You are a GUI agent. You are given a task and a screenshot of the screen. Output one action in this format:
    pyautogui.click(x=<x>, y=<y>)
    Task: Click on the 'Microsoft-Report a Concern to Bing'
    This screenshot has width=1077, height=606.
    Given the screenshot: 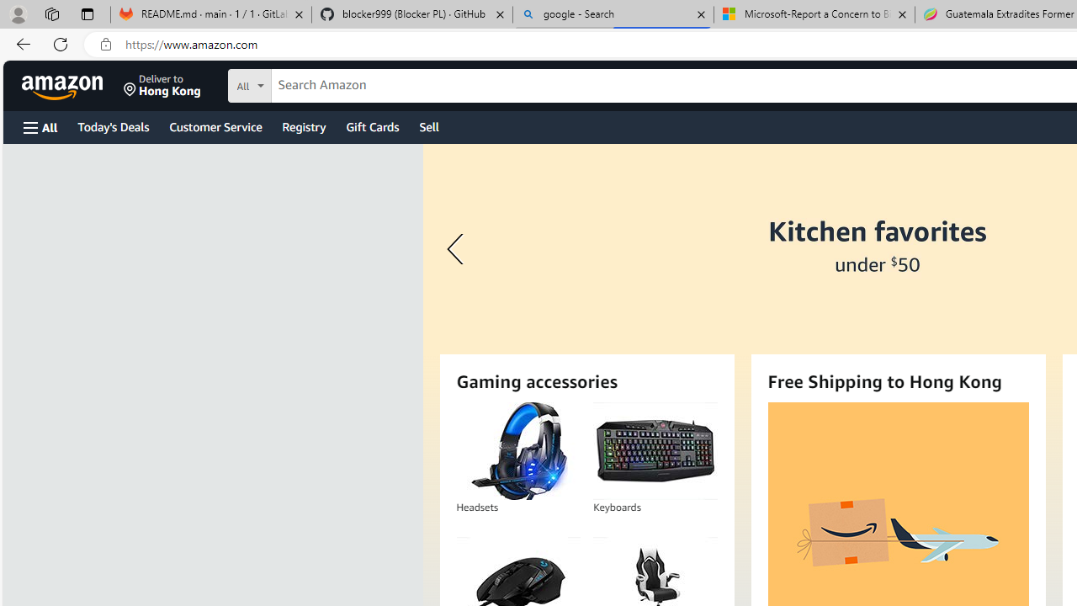 What is the action you would take?
    pyautogui.click(x=814, y=14)
    